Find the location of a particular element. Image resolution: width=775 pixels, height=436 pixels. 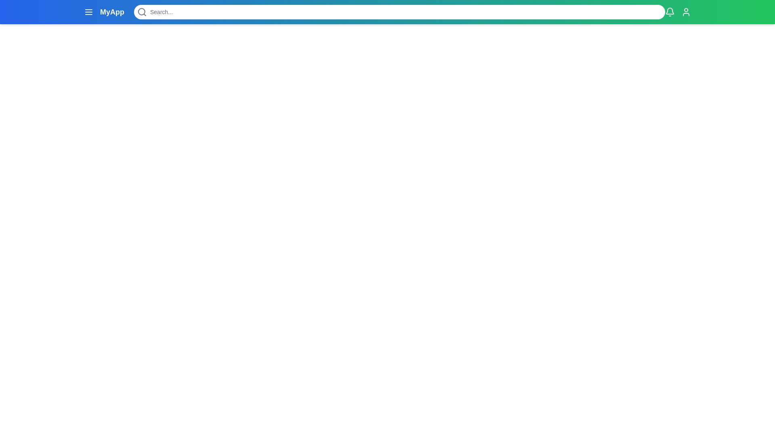

the Text Label that represents the application name 'MyApp' located in the top-left section of the interface, directly to the right of the menu icon is located at coordinates (112, 12).